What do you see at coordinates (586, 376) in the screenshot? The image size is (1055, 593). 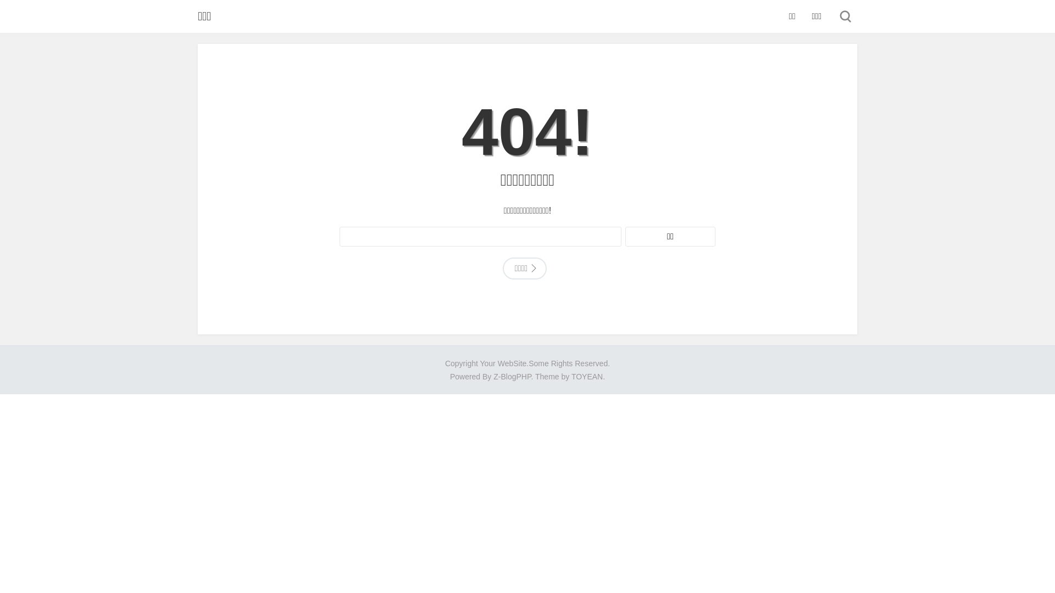 I see `'TOYEAN'` at bounding box center [586, 376].